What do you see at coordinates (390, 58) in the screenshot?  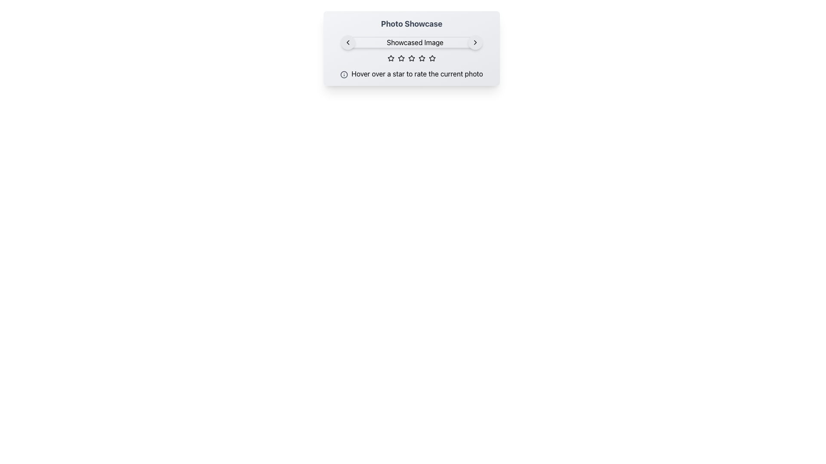 I see `the first star icon in the row of five rating stars, located under the 'Showcased Image' text within the 'Photo Showcase' segment` at bounding box center [390, 58].